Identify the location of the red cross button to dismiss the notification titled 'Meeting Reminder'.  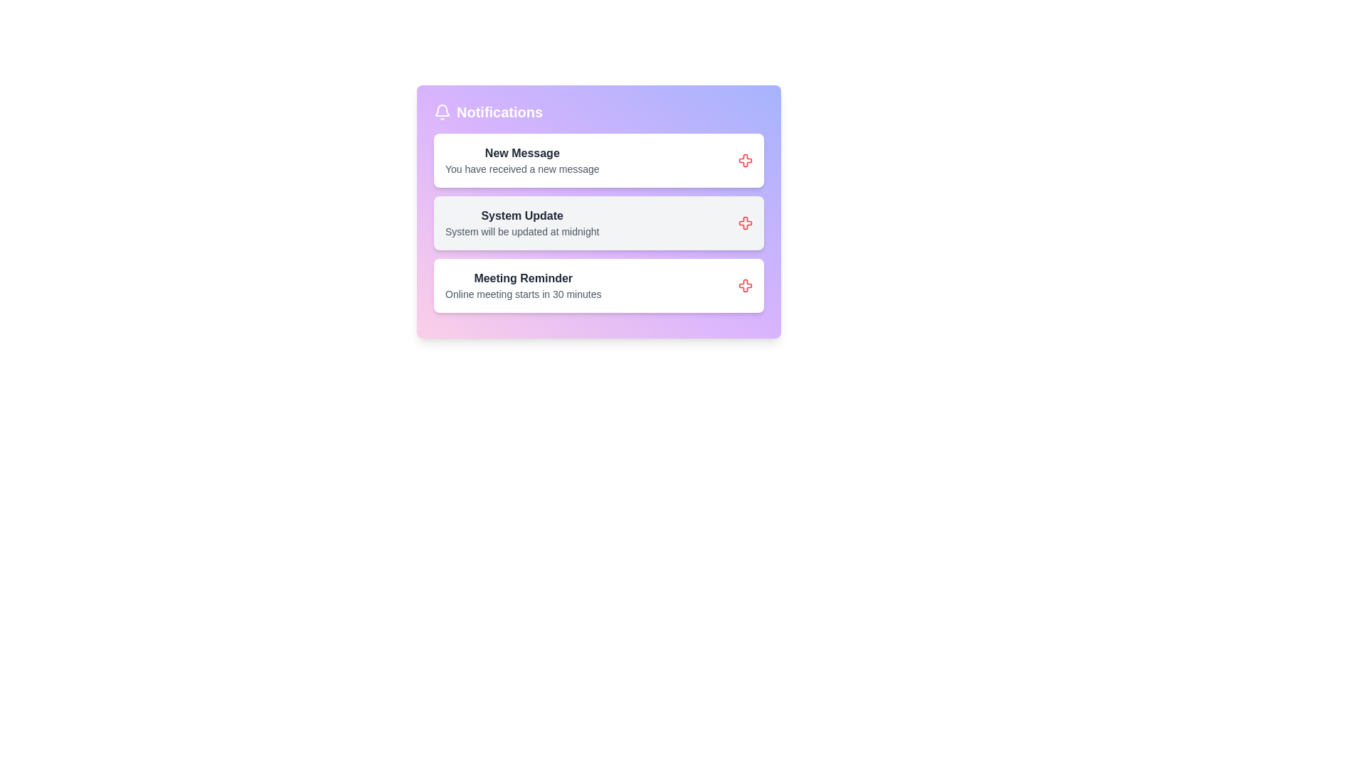
(744, 285).